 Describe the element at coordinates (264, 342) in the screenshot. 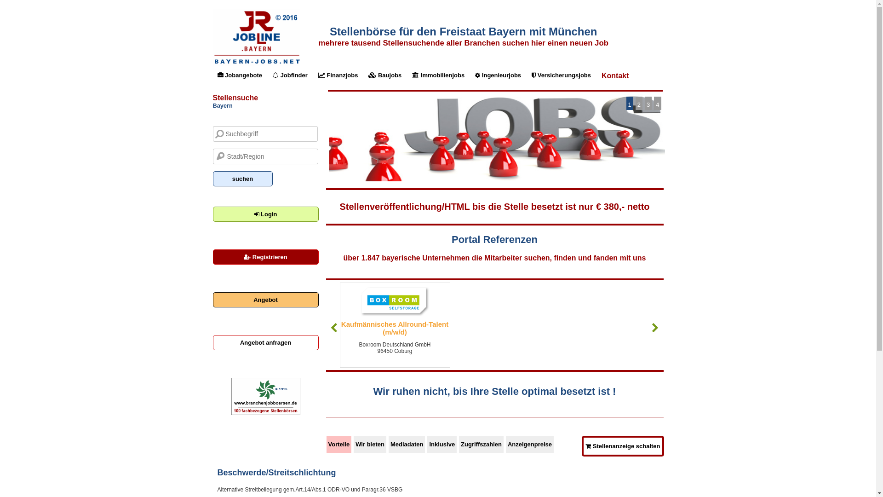

I see `'Angebot anfragen'` at that location.